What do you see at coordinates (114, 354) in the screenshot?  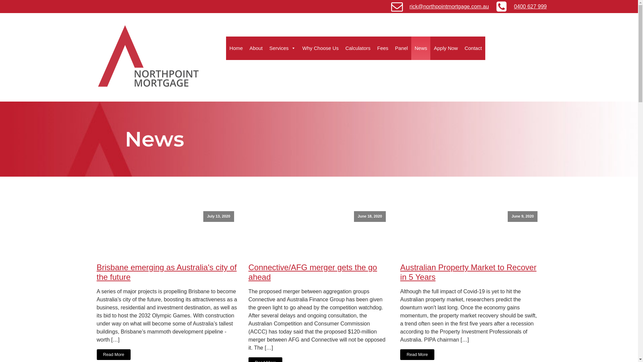 I see `'Read More'` at bounding box center [114, 354].